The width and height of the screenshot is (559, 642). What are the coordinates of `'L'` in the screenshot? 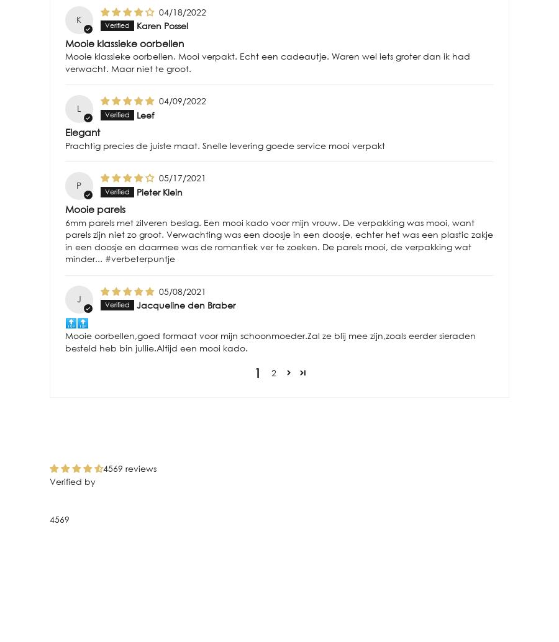 It's located at (78, 108).